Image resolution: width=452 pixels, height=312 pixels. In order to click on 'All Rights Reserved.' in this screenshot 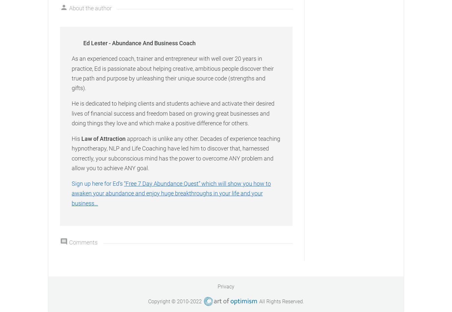, I will do `click(280, 301)`.